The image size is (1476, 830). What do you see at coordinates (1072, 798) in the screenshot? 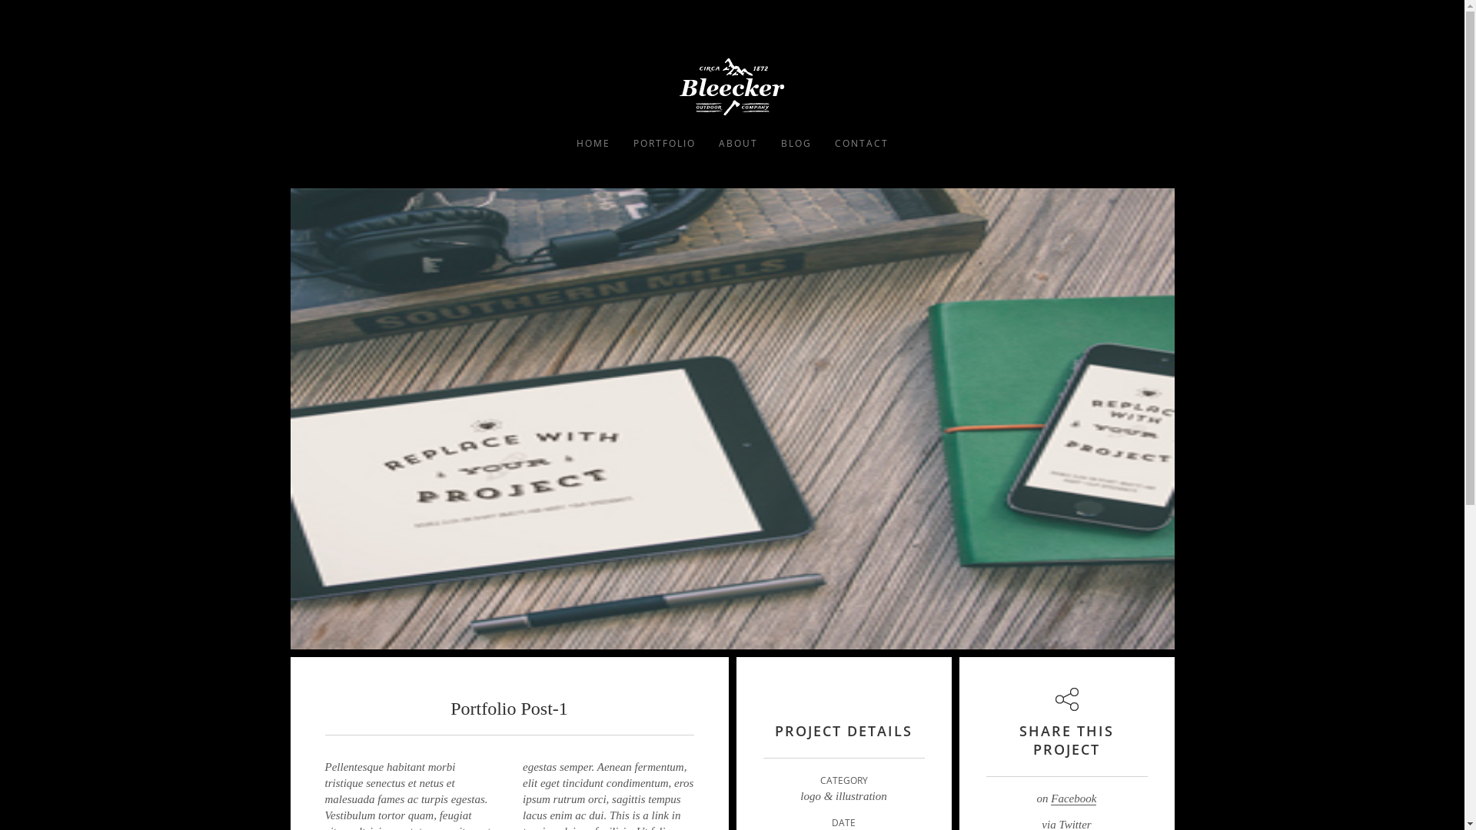
I see `'Facebook'` at bounding box center [1072, 798].